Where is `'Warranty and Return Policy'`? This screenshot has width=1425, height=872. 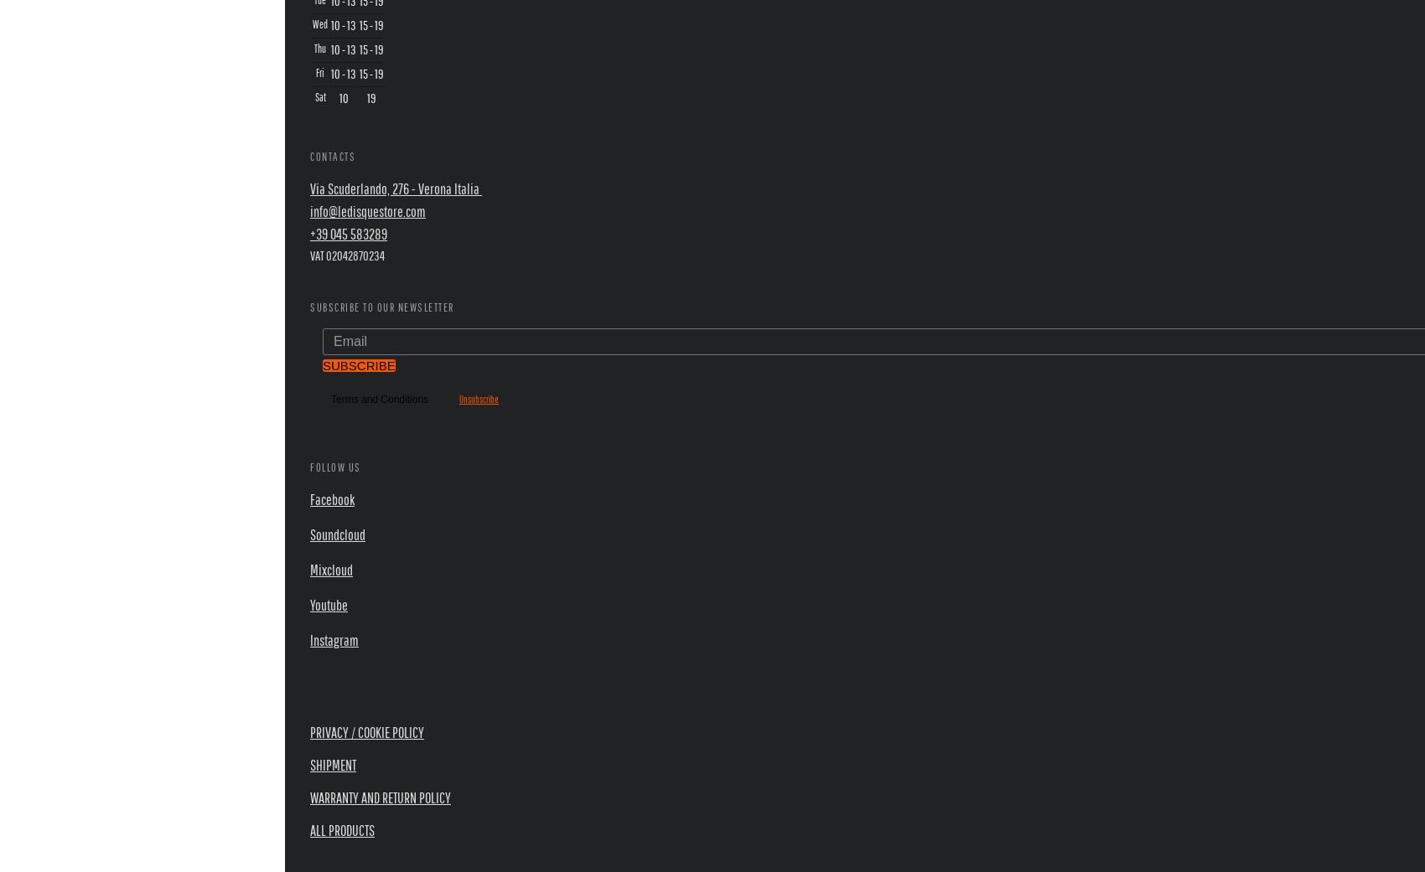 'Warranty and Return Policy' is located at coordinates (381, 797).